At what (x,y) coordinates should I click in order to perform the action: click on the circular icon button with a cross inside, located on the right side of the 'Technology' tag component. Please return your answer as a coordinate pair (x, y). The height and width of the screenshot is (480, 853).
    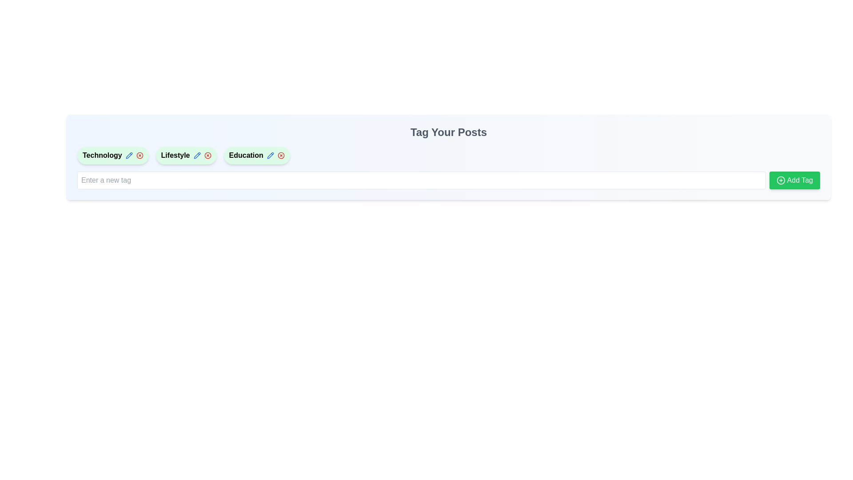
    Looking at the image, I should click on (139, 155).